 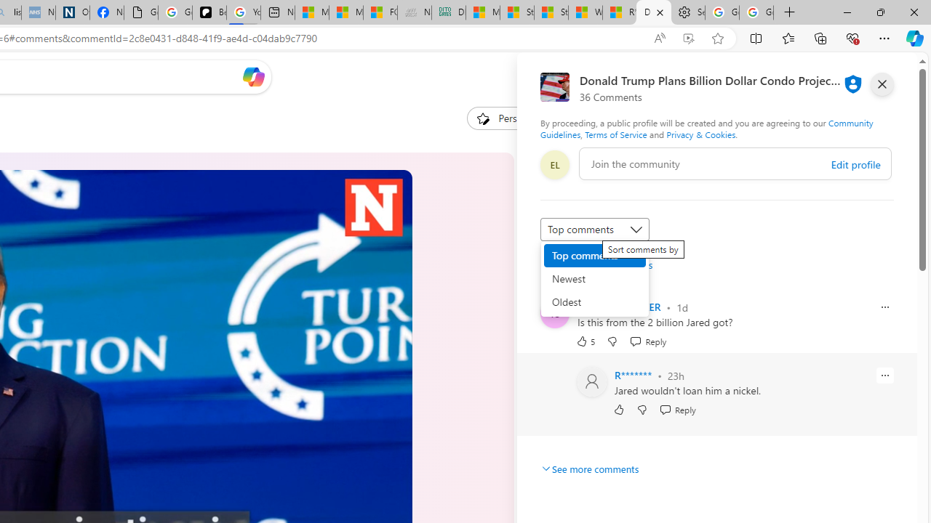 I want to click on 'R******* | Trusted Community Engagement and Contributions', so click(x=620, y=12).